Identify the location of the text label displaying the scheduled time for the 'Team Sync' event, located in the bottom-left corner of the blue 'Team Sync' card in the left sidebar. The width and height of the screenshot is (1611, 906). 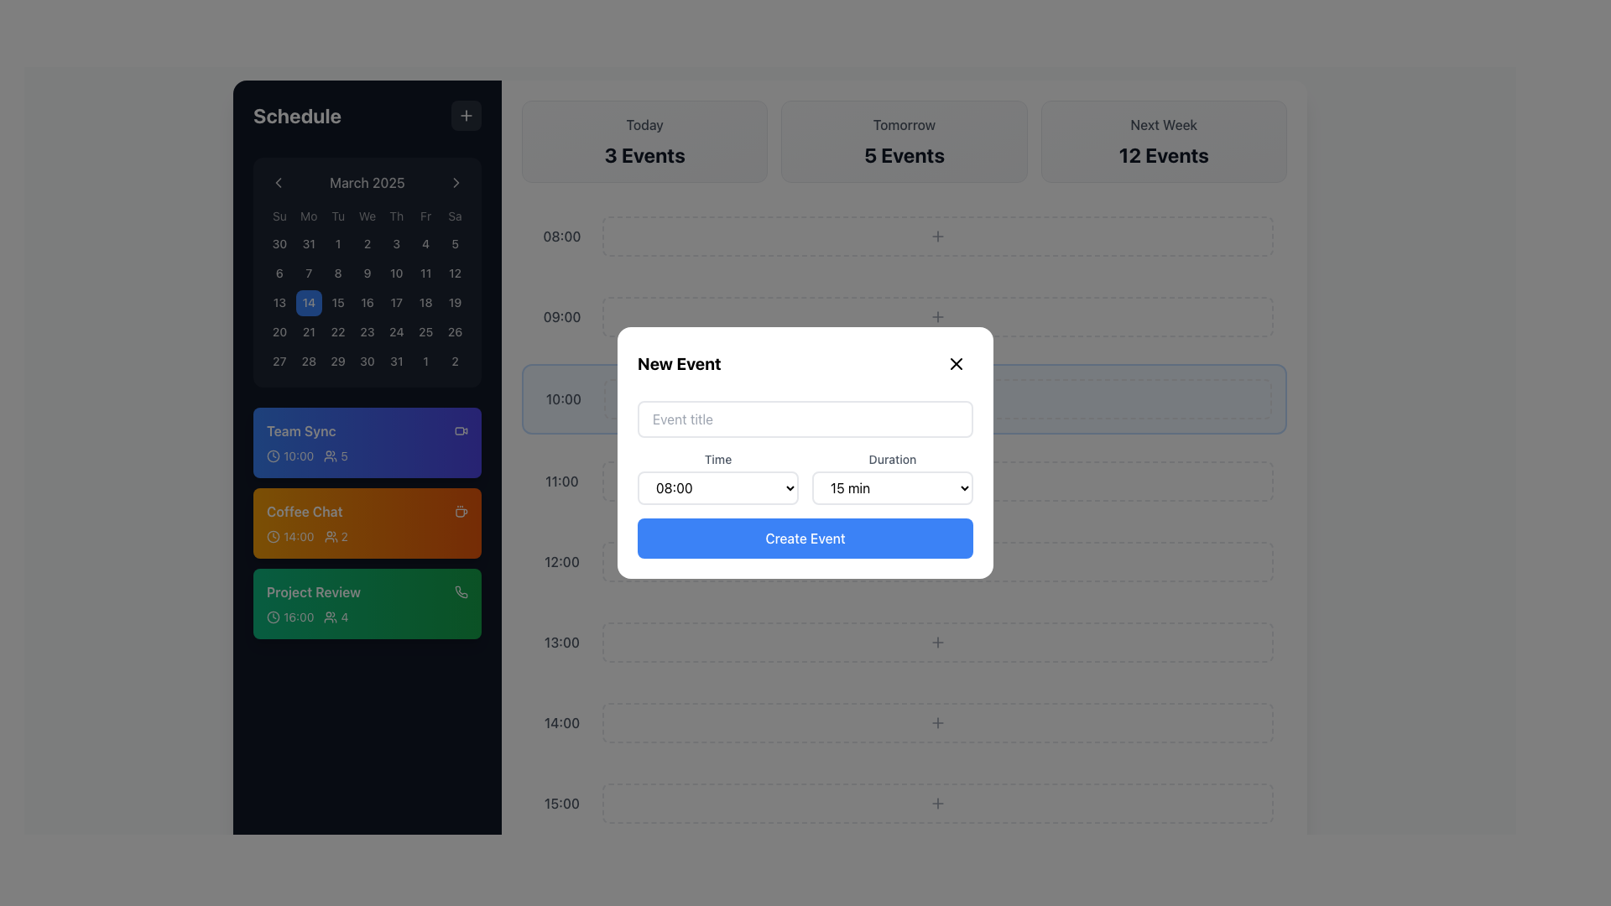
(299, 456).